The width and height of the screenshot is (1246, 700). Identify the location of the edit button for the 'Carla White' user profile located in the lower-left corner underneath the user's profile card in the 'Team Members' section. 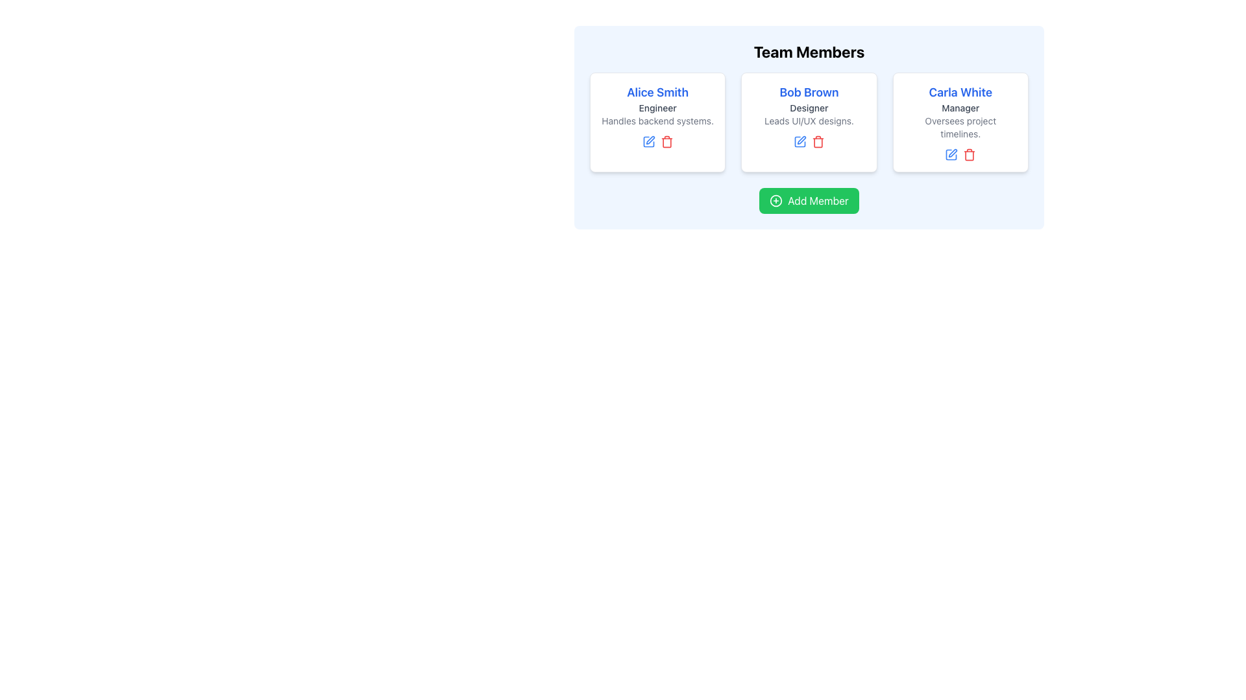
(951, 154).